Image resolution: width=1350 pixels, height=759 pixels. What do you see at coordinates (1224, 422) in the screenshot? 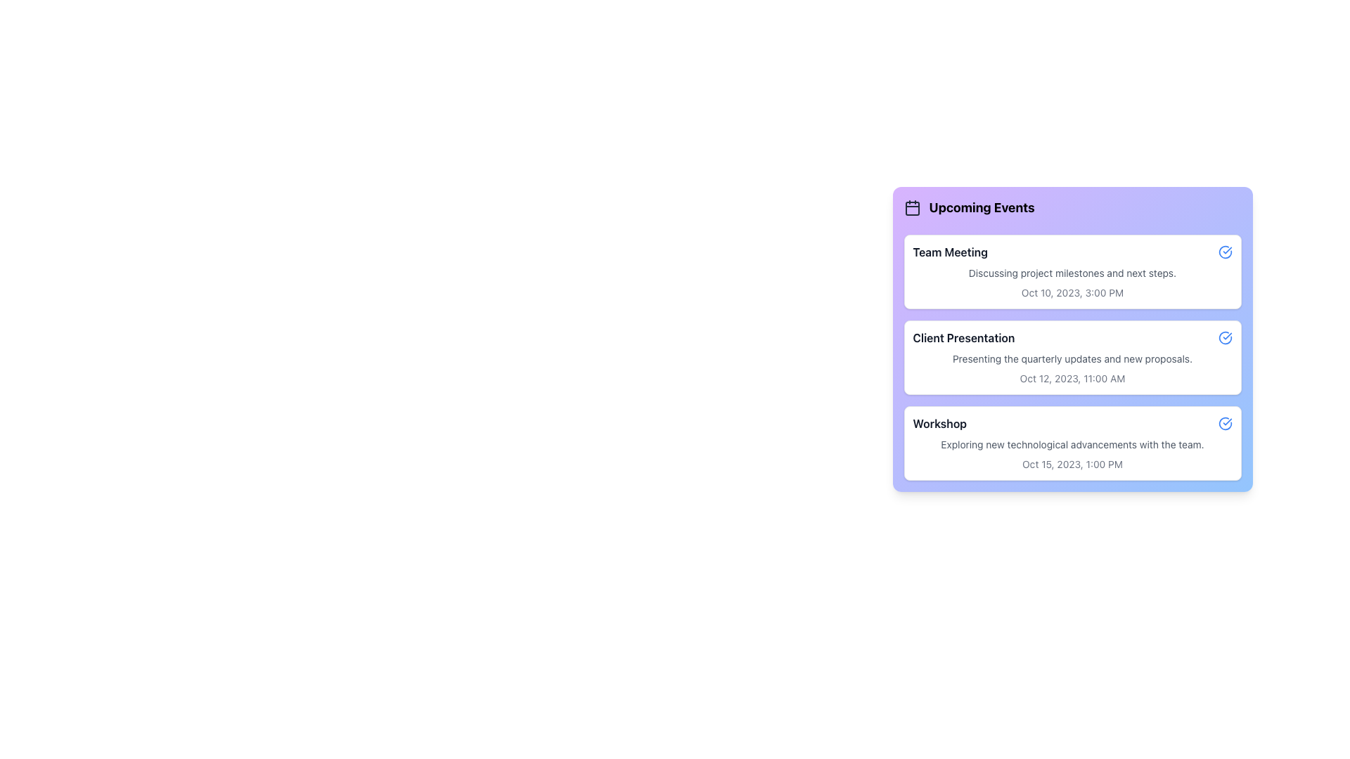
I see `the circular icon with a check mark located at the top-right corner of the 'Workshop' card in the 'Upcoming Events' panel` at bounding box center [1224, 422].